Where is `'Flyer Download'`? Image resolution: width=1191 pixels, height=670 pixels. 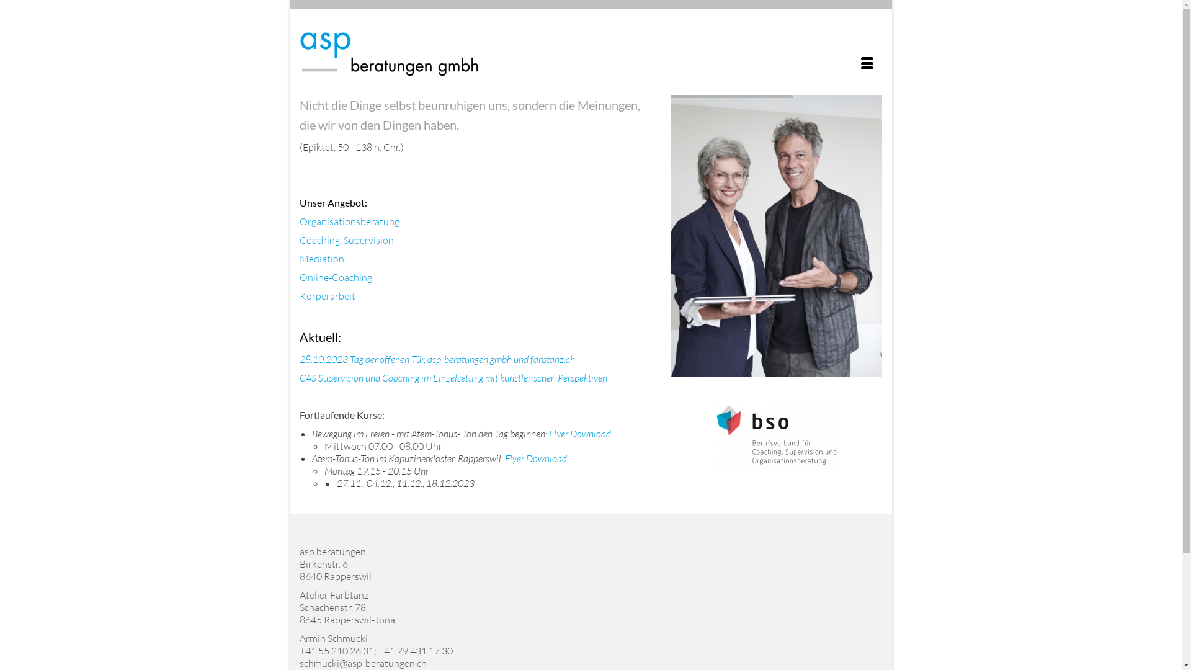 'Flyer Download' is located at coordinates (579, 432).